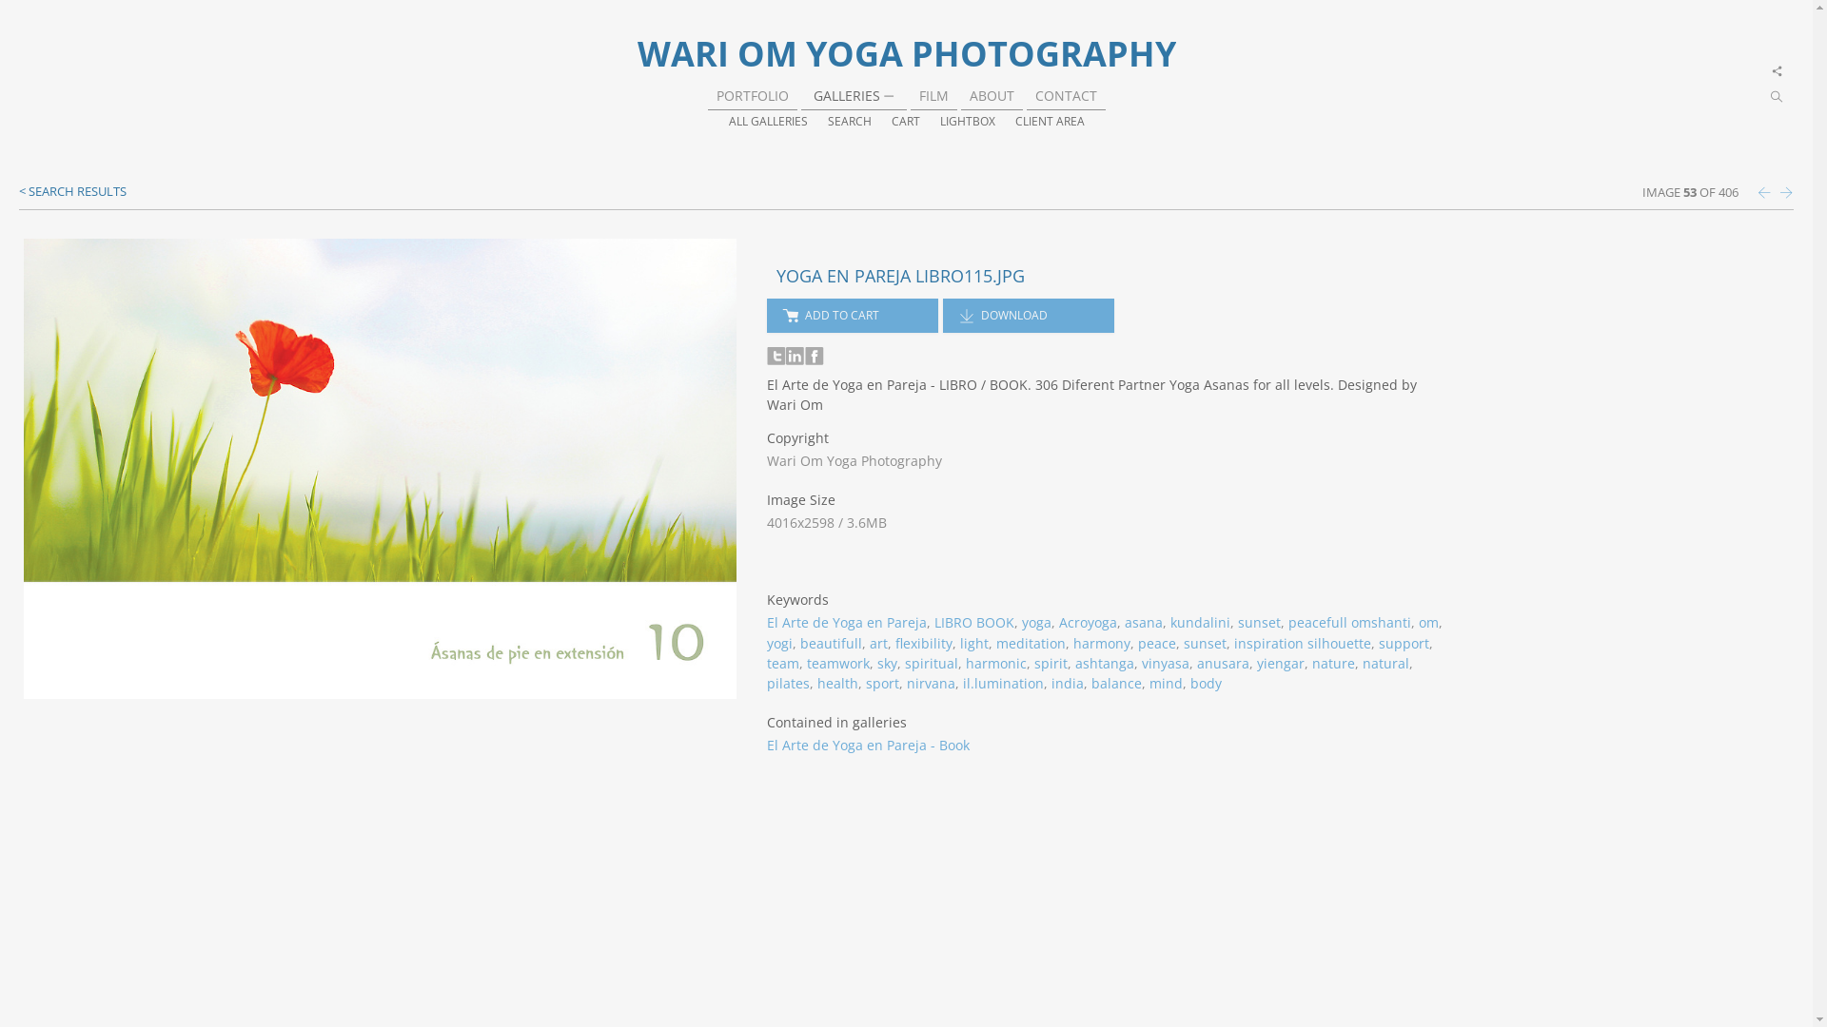  I want to click on 'anusara', so click(1195, 662).